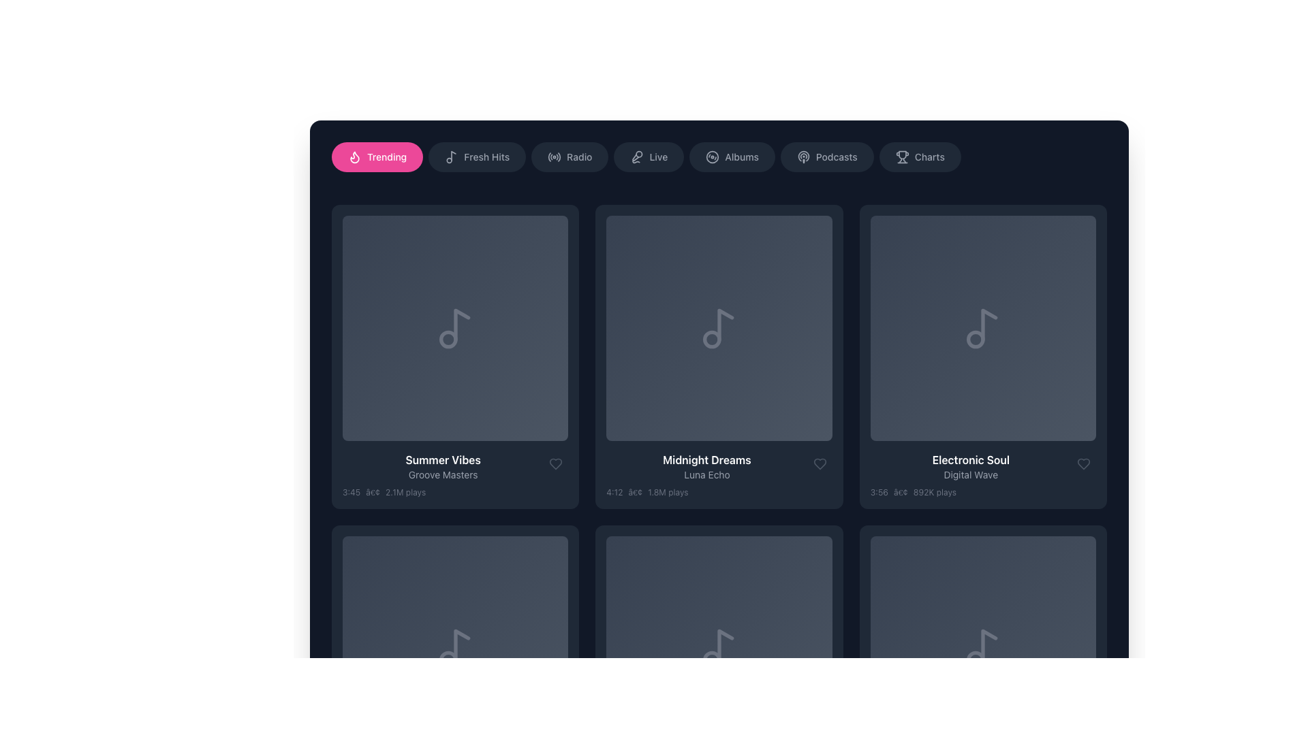  What do you see at coordinates (719, 356) in the screenshot?
I see `the second music card in the top row of the grid` at bounding box center [719, 356].